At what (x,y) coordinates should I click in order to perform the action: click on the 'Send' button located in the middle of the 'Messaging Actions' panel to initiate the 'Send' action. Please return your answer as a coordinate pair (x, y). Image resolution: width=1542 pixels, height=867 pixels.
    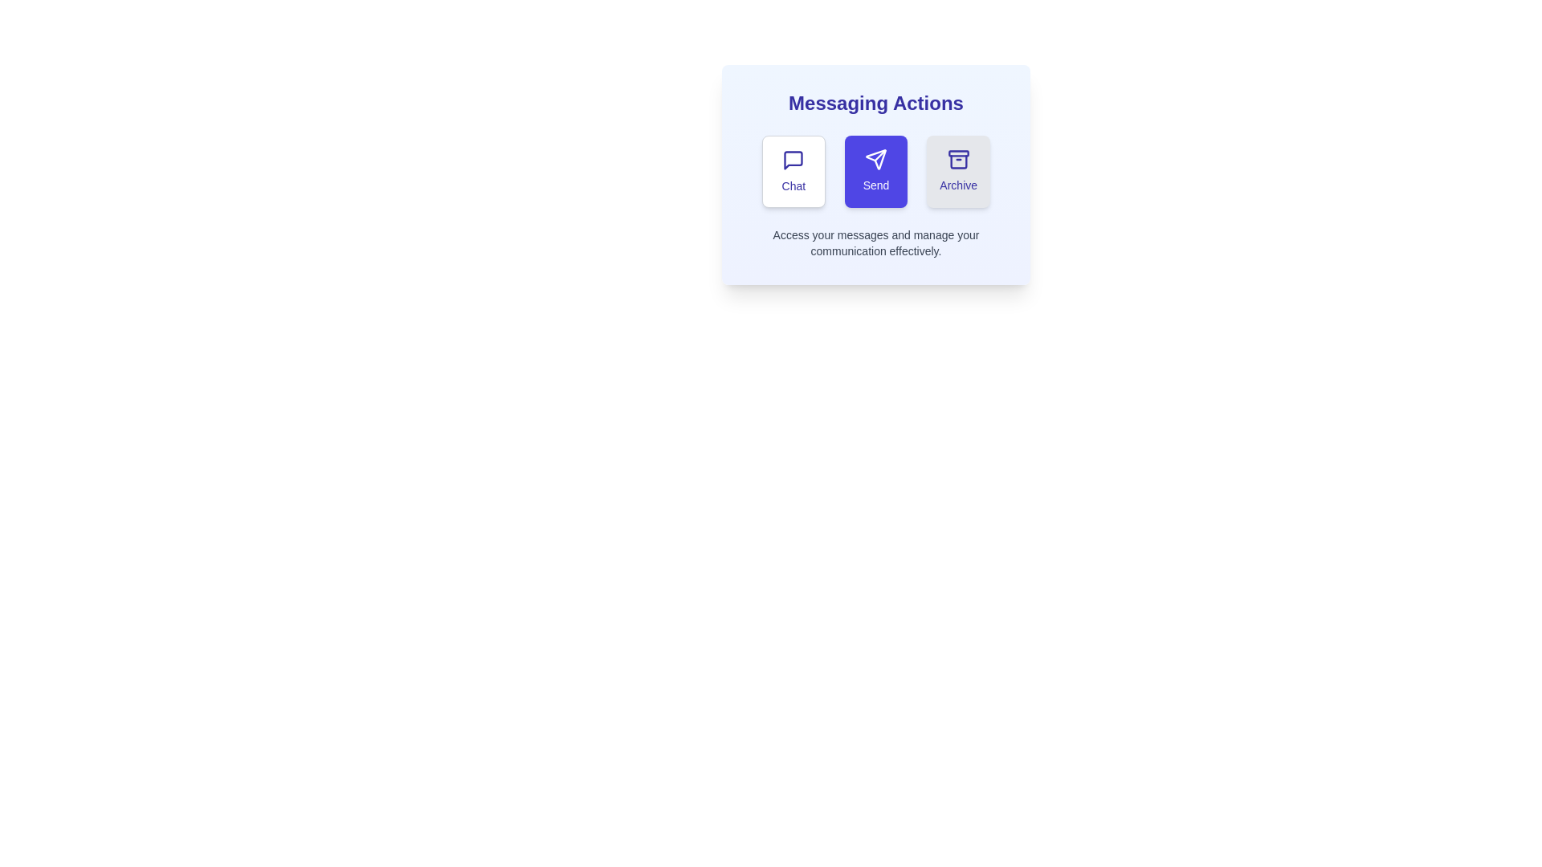
    Looking at the image, I should click on (875, 171).